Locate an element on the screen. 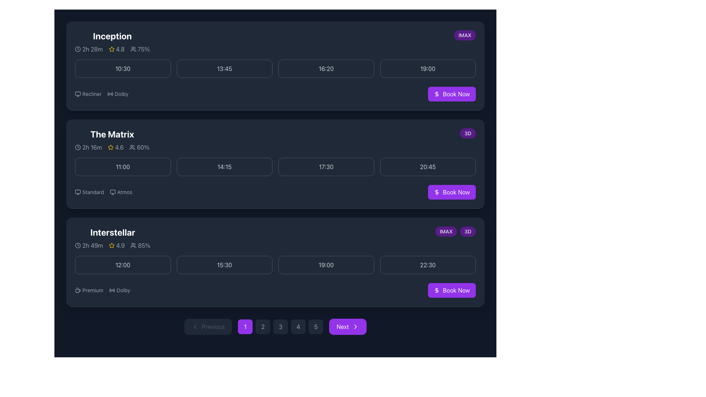 The width and height of the screenshot is (706, 397). the SVG graphic icon representing Dolby sound format located at the start of the text 'Dolby' in the movie information section for 'Inception' is located at coordinates (110, 93).